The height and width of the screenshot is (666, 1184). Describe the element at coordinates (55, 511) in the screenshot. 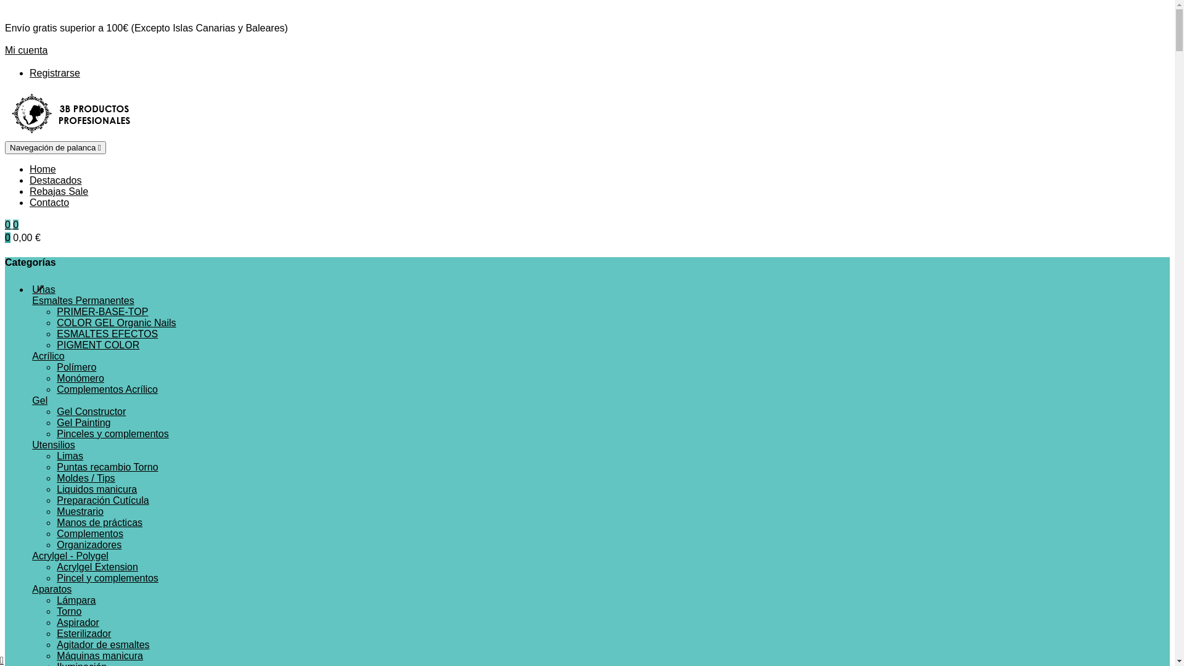

I see `'Muestrario'` at that location.